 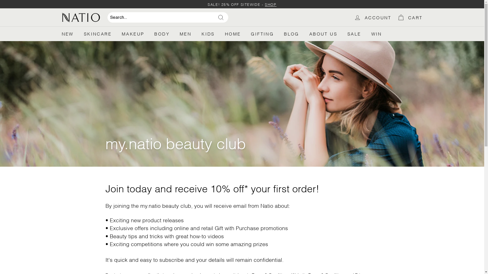 I want to click on 'MAKEUP', so click(x=116, y=33).